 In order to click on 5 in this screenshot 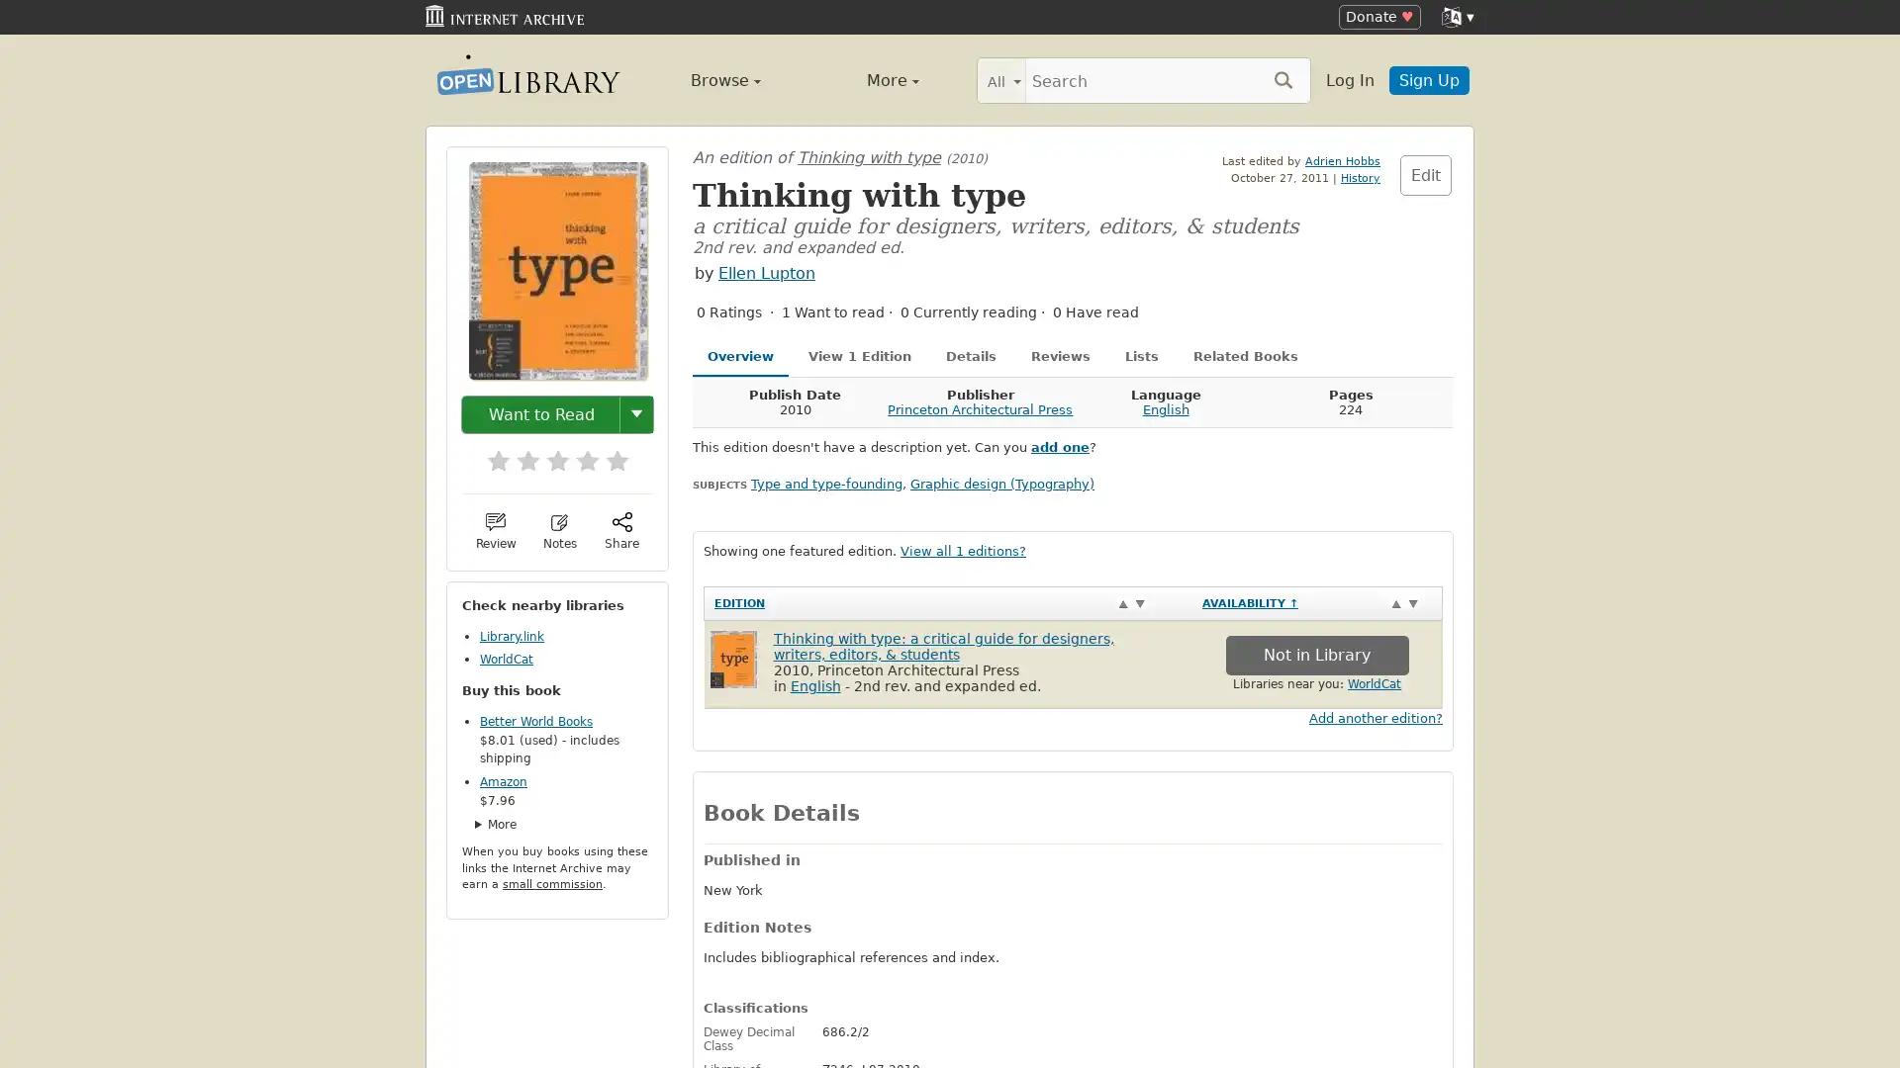, I will do `click(607, 454)`.